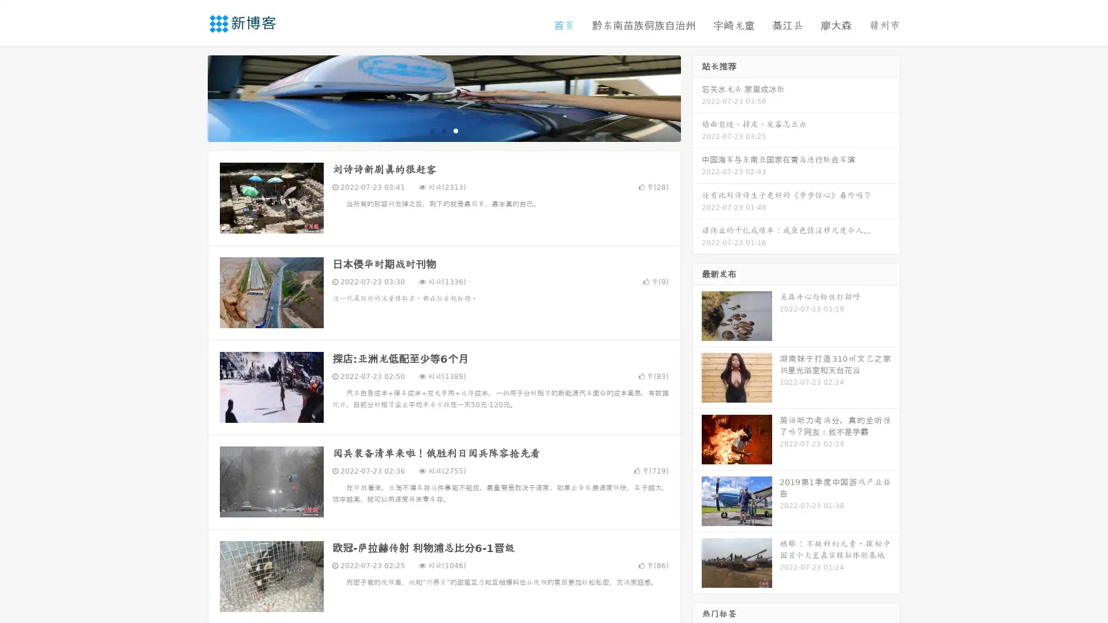 This screenshot has height=623, width=1108. I want to click on Go to slide 3, so click(455, 130).